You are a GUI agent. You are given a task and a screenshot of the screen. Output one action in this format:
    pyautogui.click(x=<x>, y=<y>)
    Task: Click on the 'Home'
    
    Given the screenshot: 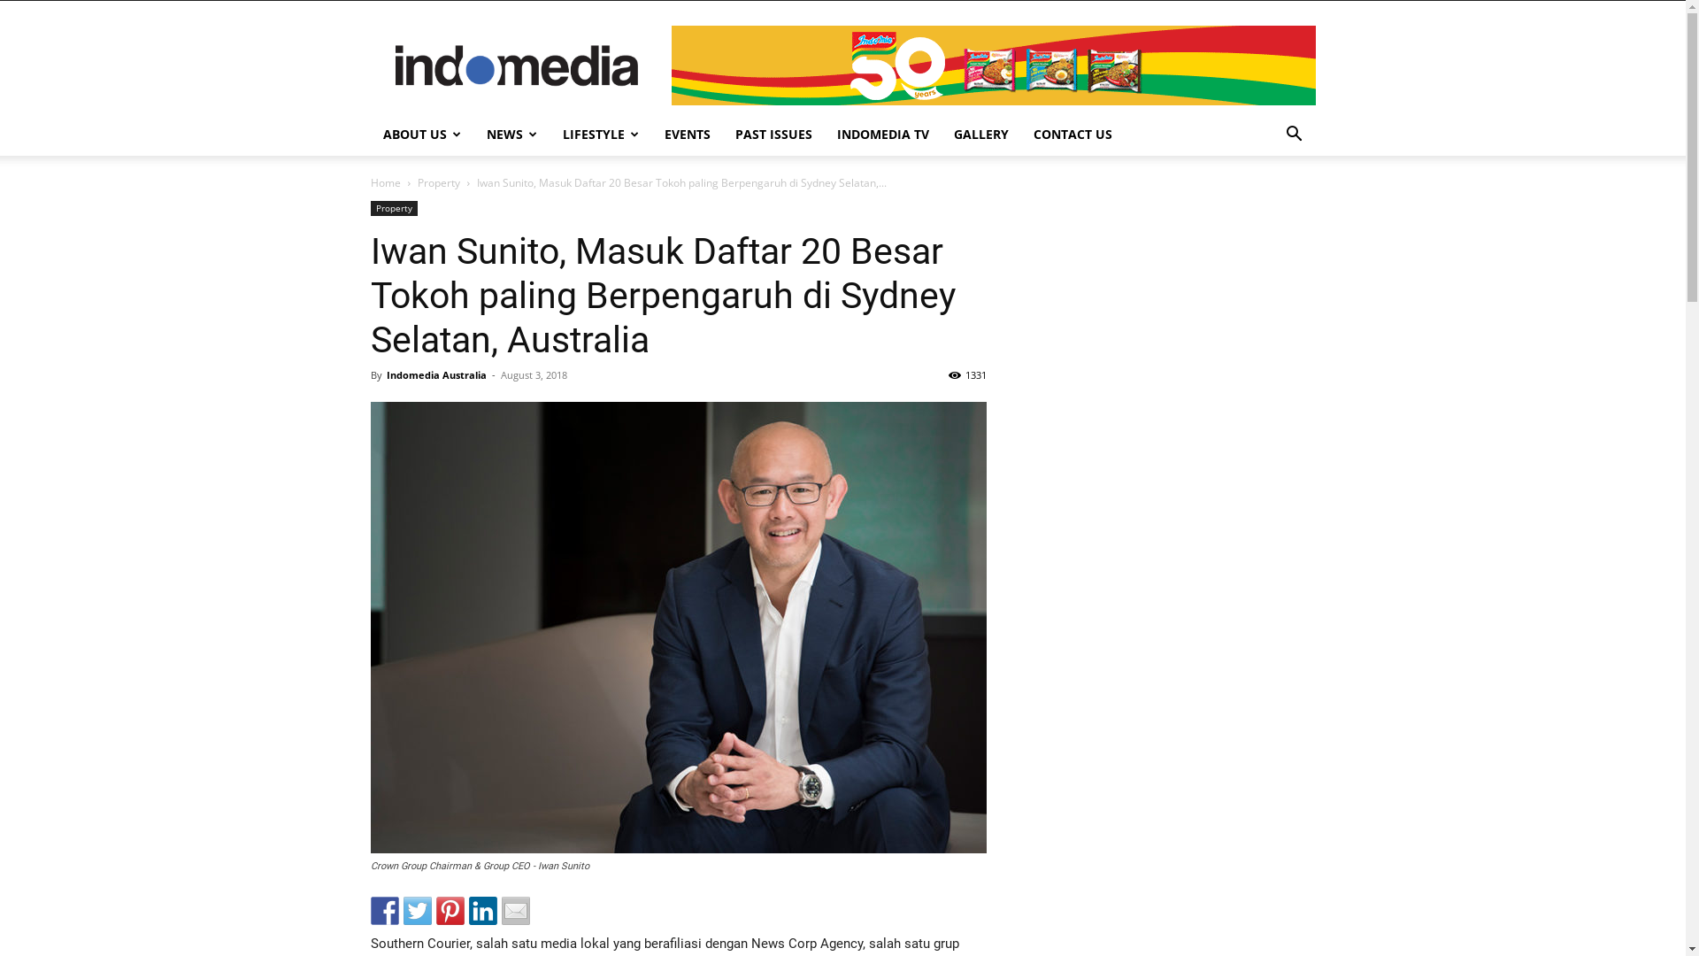 What is the action you would take?
    pyautogui.click(x=368, y=182)
    